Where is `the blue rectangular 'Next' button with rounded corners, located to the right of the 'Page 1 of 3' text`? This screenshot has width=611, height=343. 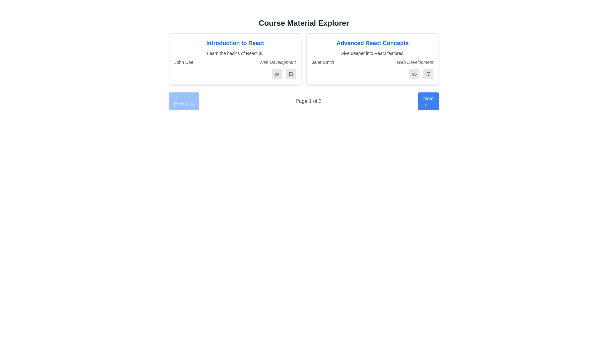
the blue rectangular 'Next' button with rounded corners, located to the right of the 'Page 1 of 3' text is located at coordinates (428, 101).